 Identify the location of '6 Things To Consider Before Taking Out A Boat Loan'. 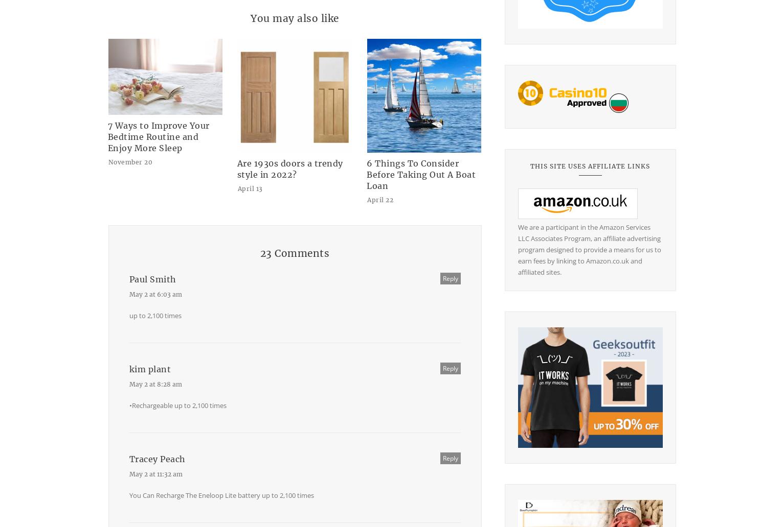
(420, 175).